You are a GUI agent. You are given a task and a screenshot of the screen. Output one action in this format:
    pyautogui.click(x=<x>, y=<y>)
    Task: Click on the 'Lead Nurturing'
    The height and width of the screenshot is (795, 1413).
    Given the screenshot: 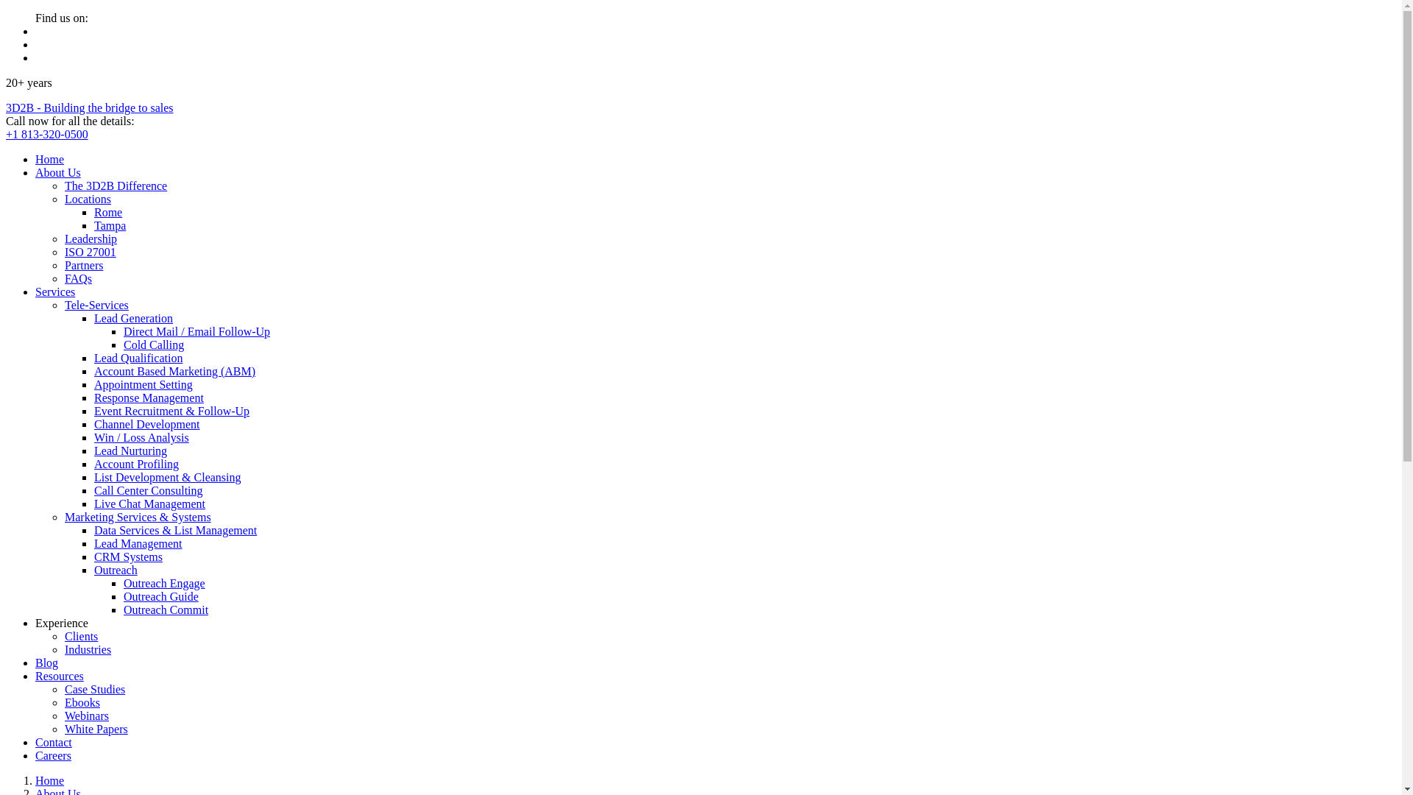 What is the action you would take?
    pyautogui.click(x=130, y=450)
    